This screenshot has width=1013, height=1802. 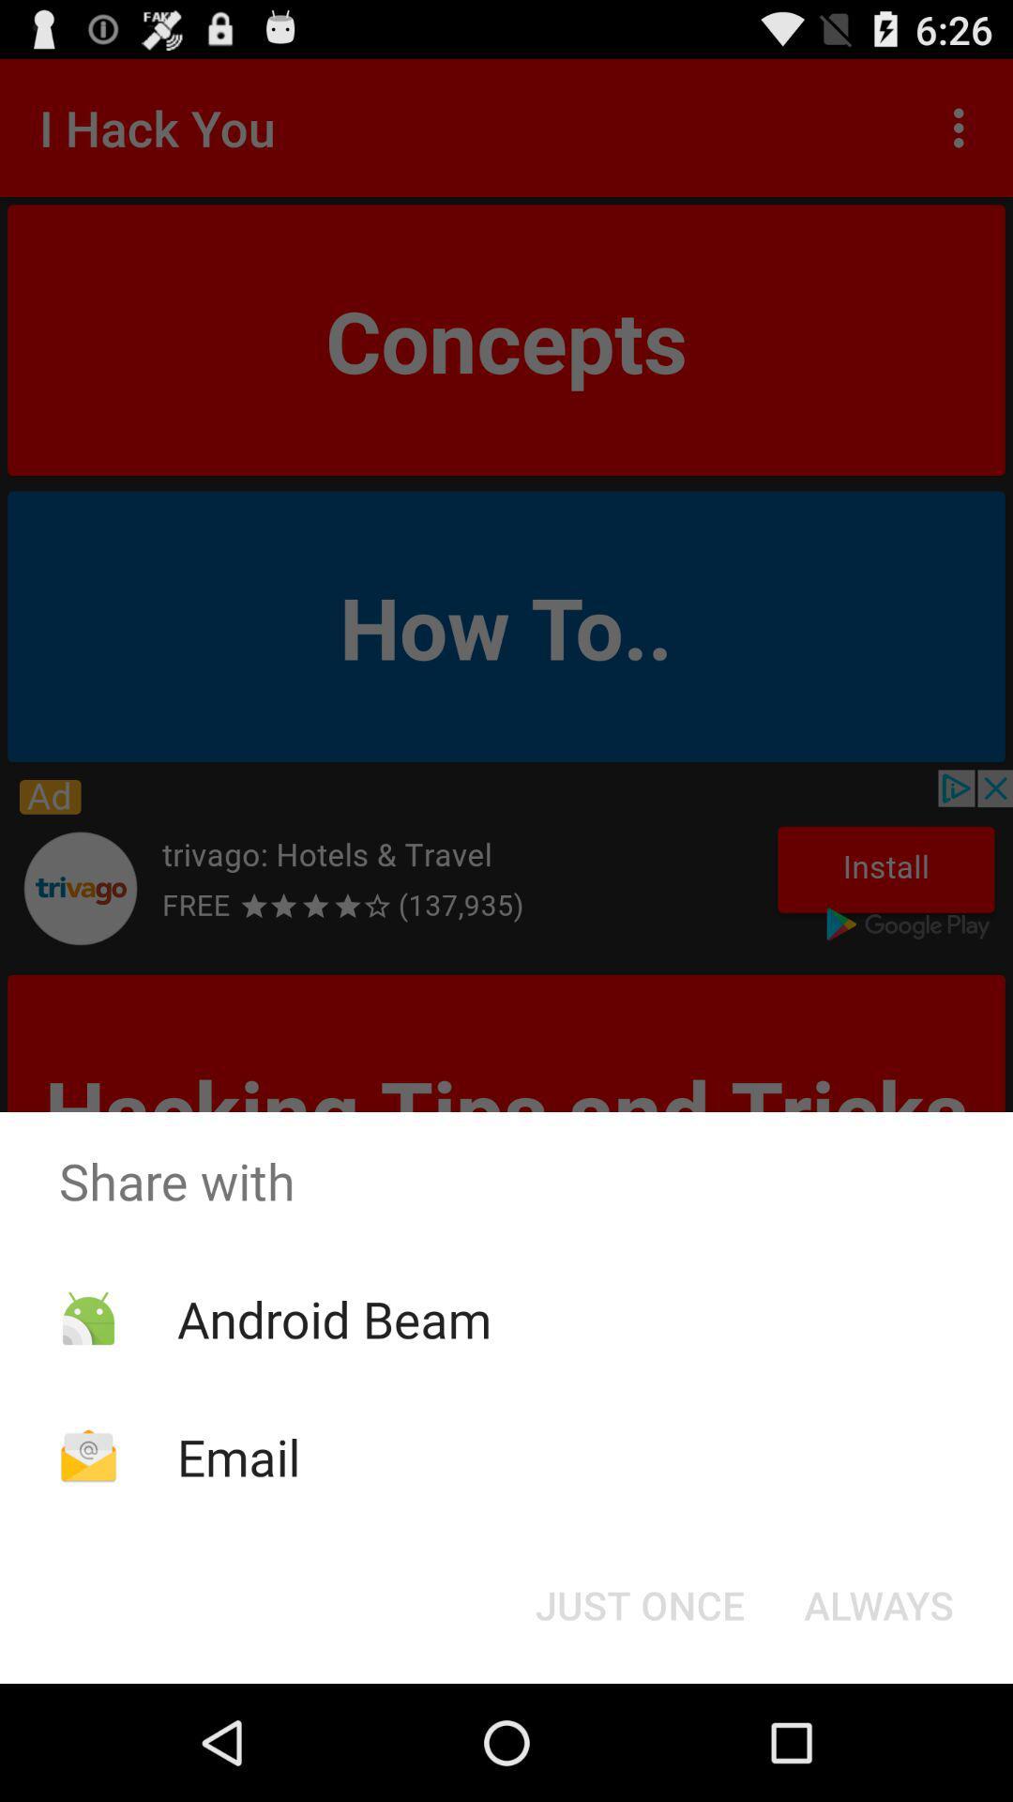 What do you see at coordinates (879, 1603) in the screenshot?
I see `always button` at bounding box center [879, 1603].